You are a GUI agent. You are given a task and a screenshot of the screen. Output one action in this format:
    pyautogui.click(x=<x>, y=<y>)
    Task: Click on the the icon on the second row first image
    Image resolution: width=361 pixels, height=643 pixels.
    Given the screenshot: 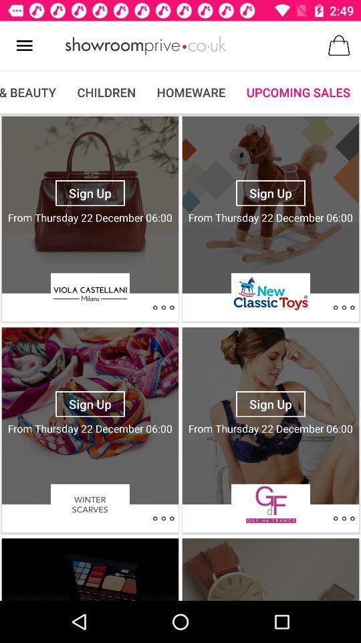 What is the action you would take?
    pyautogui.click(x=163, y=518)
    